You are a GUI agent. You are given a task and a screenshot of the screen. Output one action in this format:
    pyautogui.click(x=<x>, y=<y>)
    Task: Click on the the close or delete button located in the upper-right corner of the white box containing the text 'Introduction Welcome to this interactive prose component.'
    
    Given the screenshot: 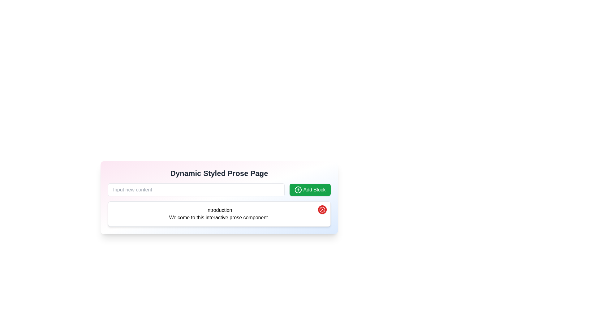 What is the action you would take?
    pyautogui.click(x=322, y=209)
    